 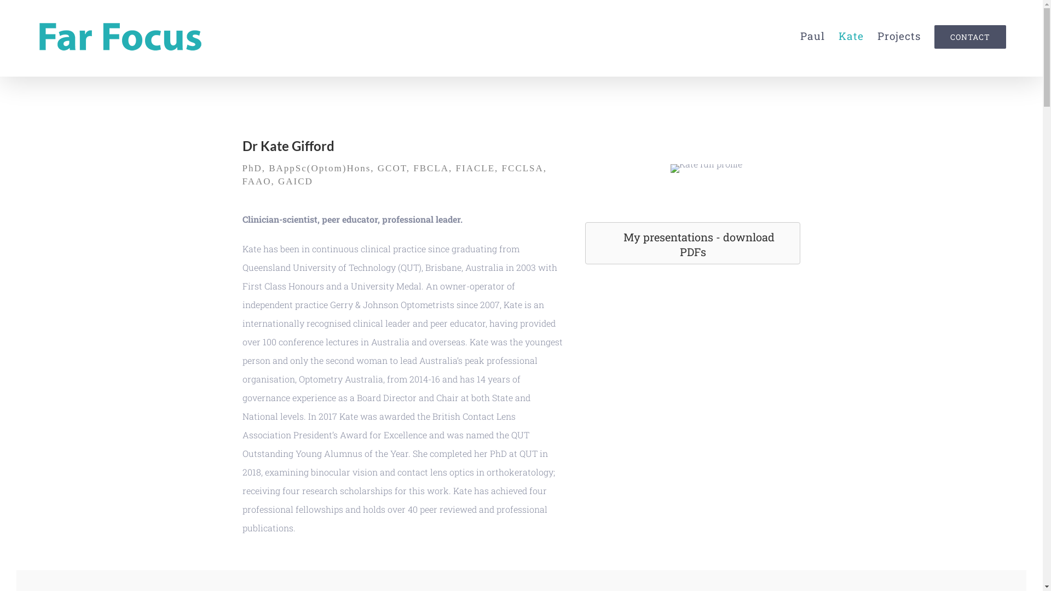 What do you see at coordinates (706, 169) in the screenshot?
I see `'Kate full profile'` at bounding box center [706, 169].